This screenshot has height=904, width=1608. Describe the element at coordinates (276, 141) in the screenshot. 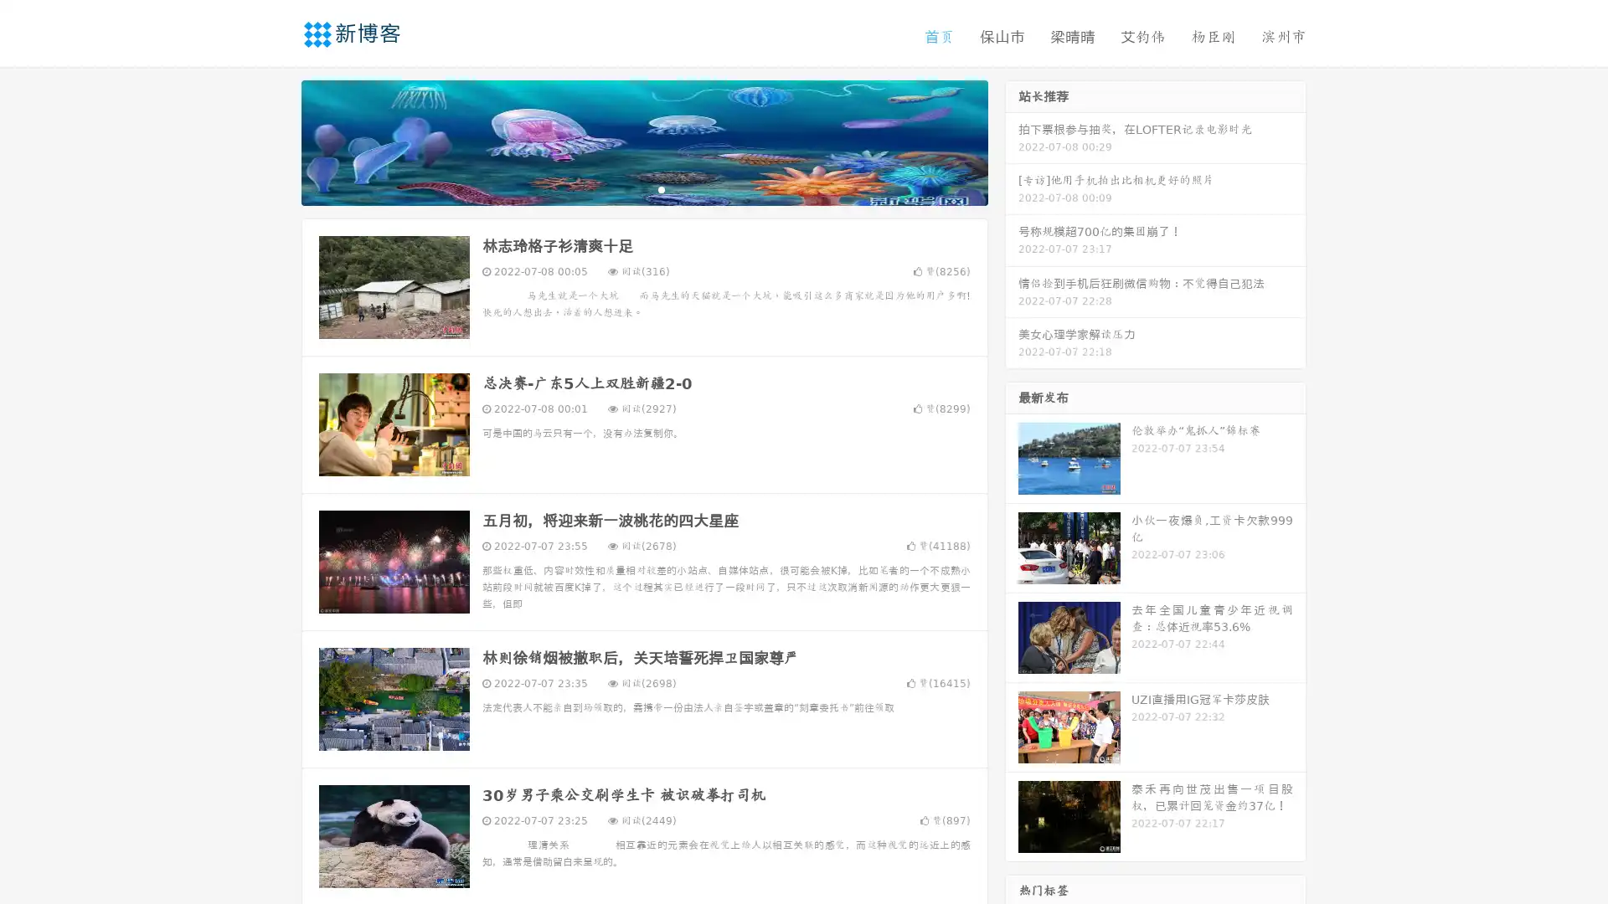

I see `Previous slide` at that location.